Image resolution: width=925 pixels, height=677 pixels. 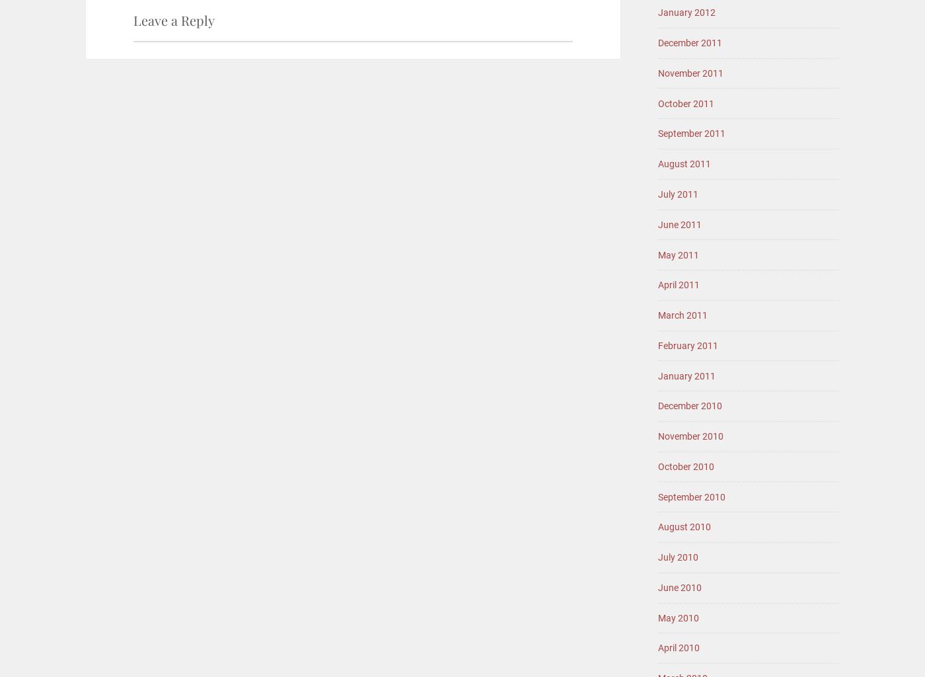 I want to click on 'April 2010', so click(x=679, y=647).